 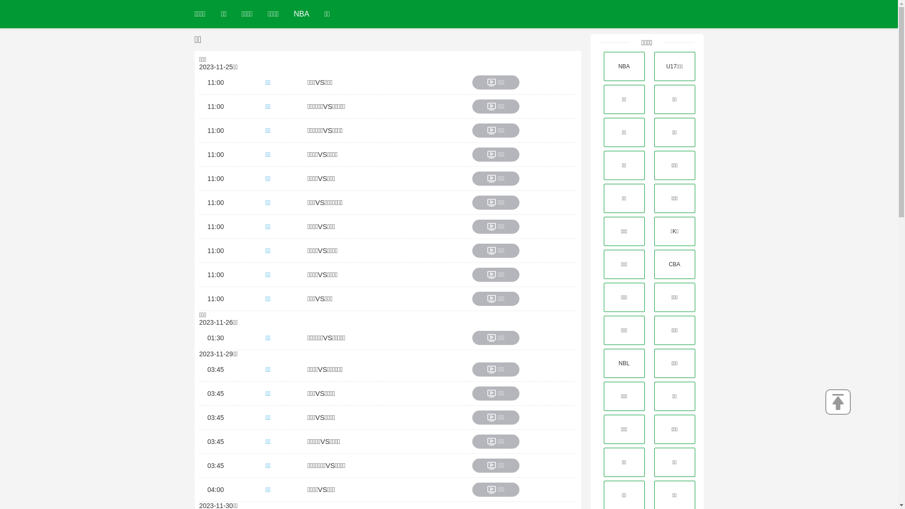 I want to click on 'NBL', so click(x=624, y=363).